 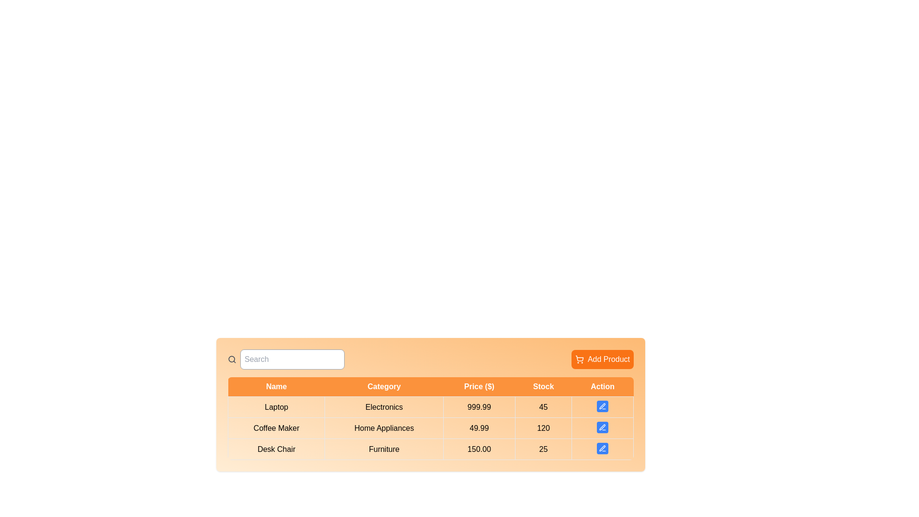 I want to click on the third editing icon in the 'Action' column, so click(x=602, y=449).